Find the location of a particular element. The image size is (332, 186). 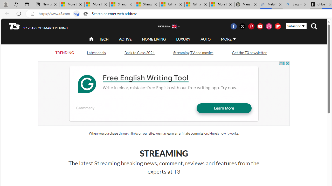

'Visit us on Pintrest' is located at coordinates (251, 26).